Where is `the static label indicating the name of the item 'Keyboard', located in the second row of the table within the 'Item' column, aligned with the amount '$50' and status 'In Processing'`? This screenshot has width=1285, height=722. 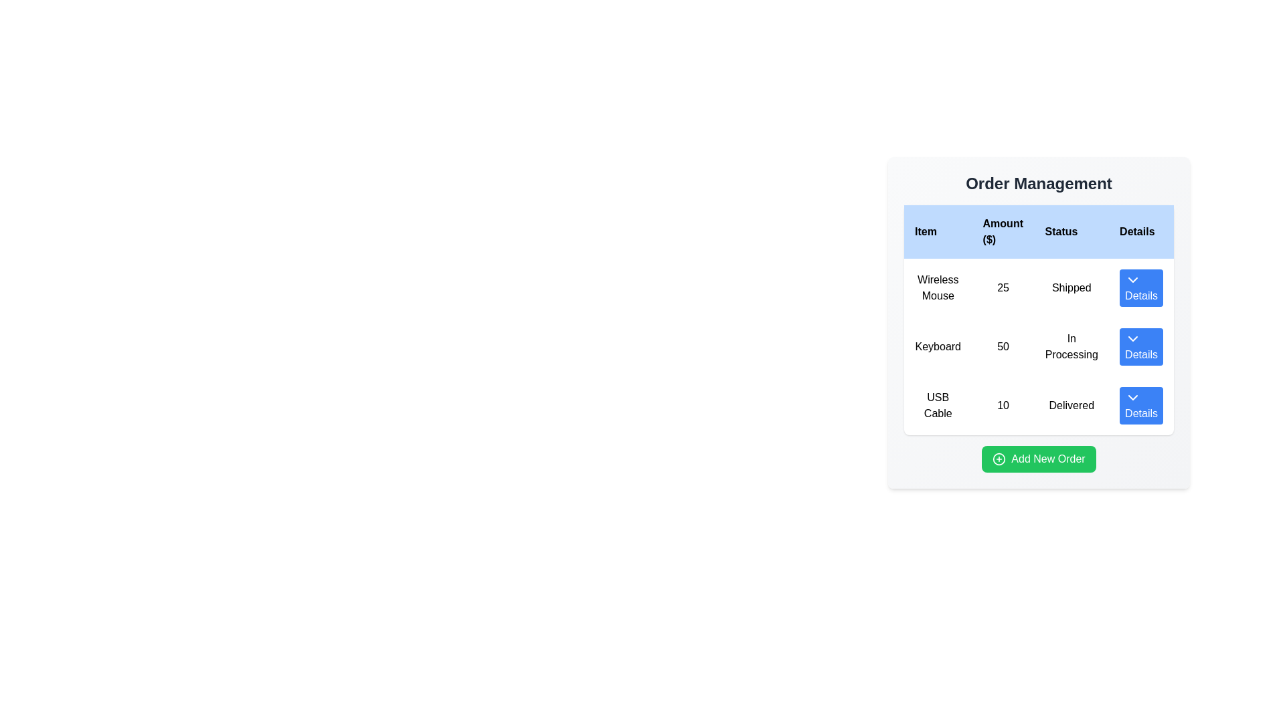
the static label indicating the name of the item 'Keyboard', located in the second row of the table within the 'Item' column, aligned with the amount '$50' and status 'In Processing' is located at coordinates (937, 346).